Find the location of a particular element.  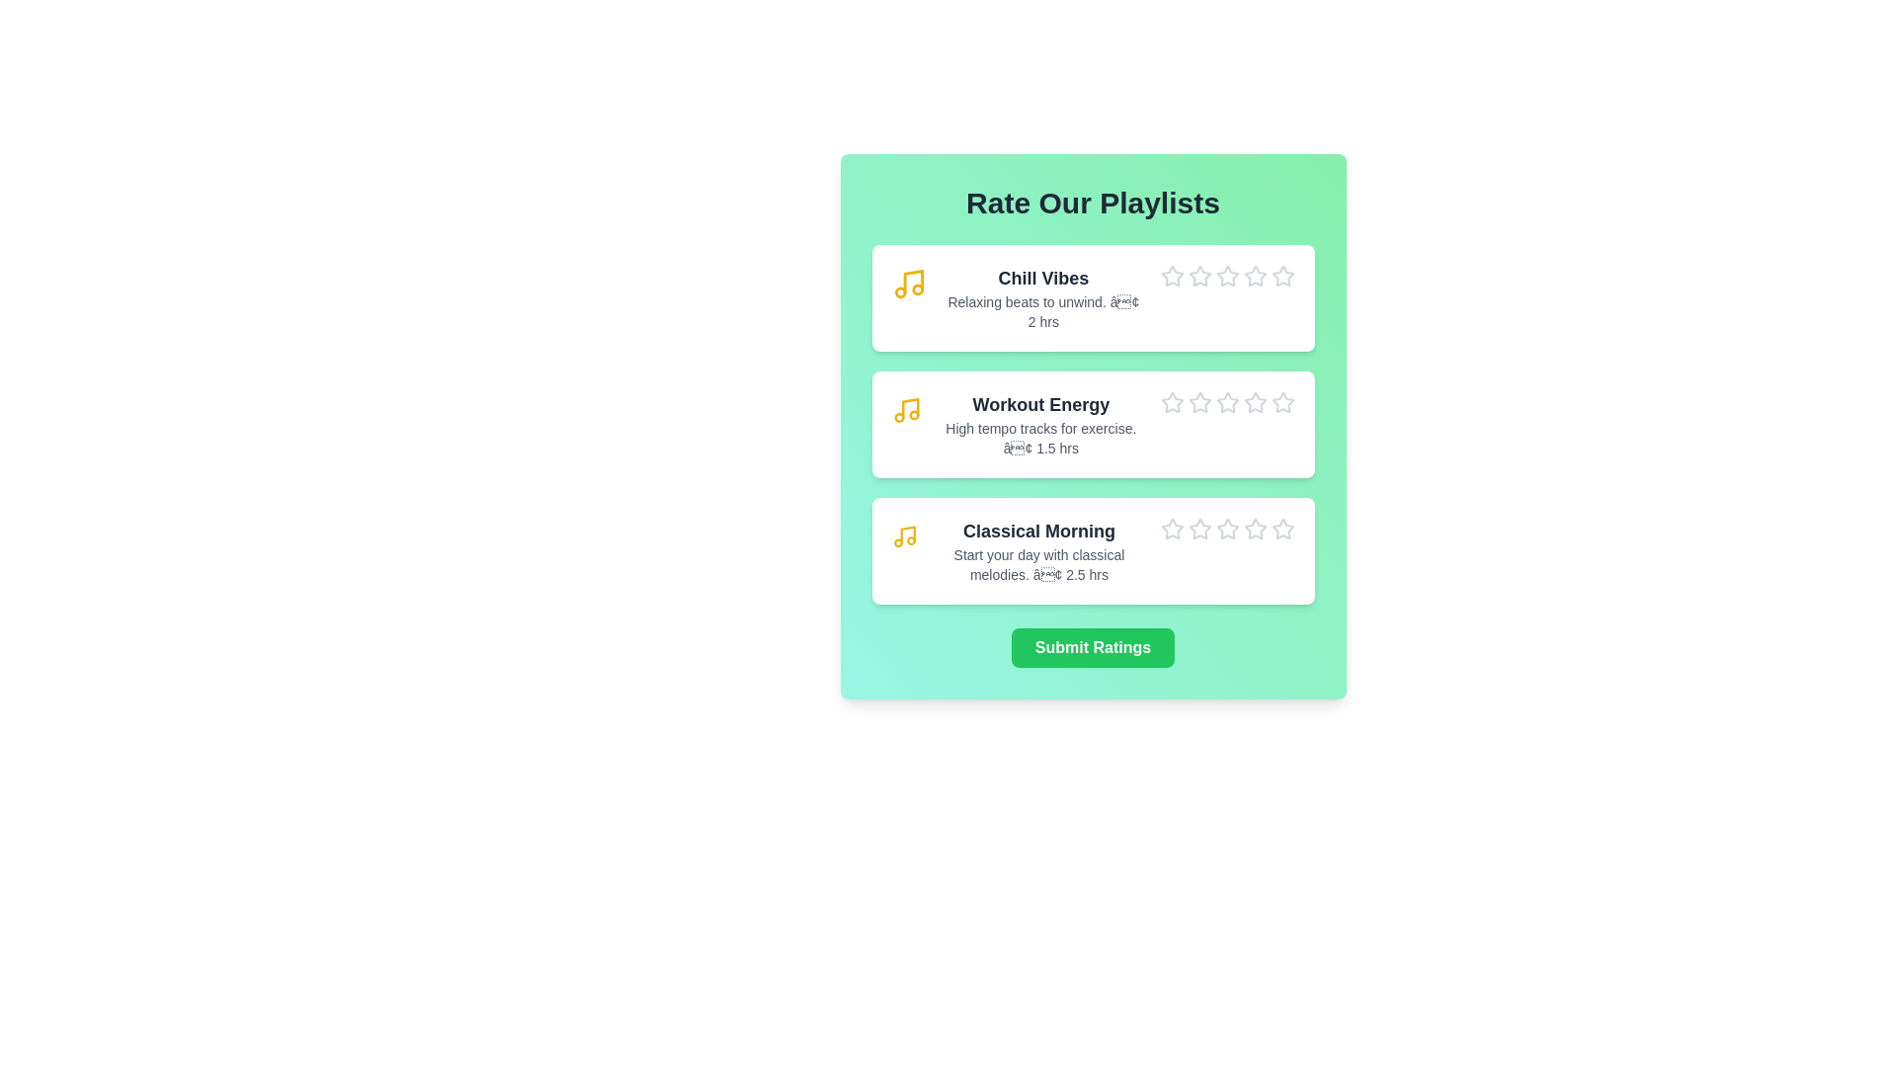

the star icon corresponding to 2 stars for the playlist Chill Vibes is located at coordinates (1187, 263).